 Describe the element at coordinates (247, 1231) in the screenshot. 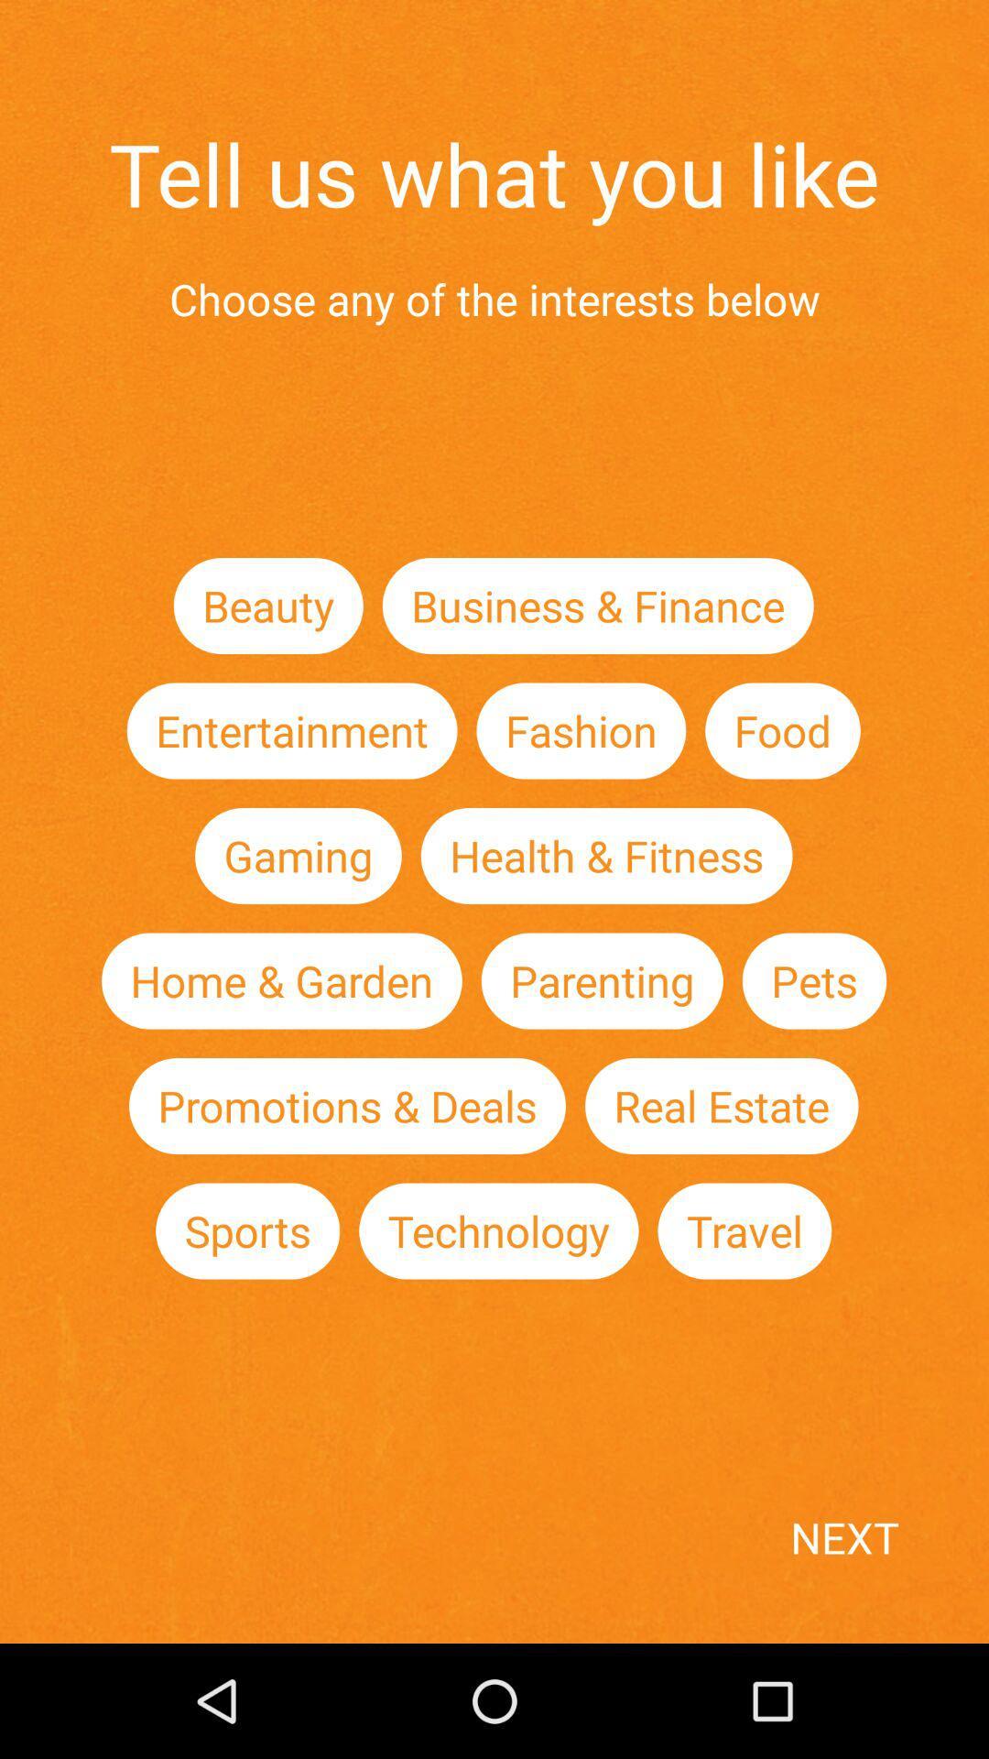

I see `sports` at that location.